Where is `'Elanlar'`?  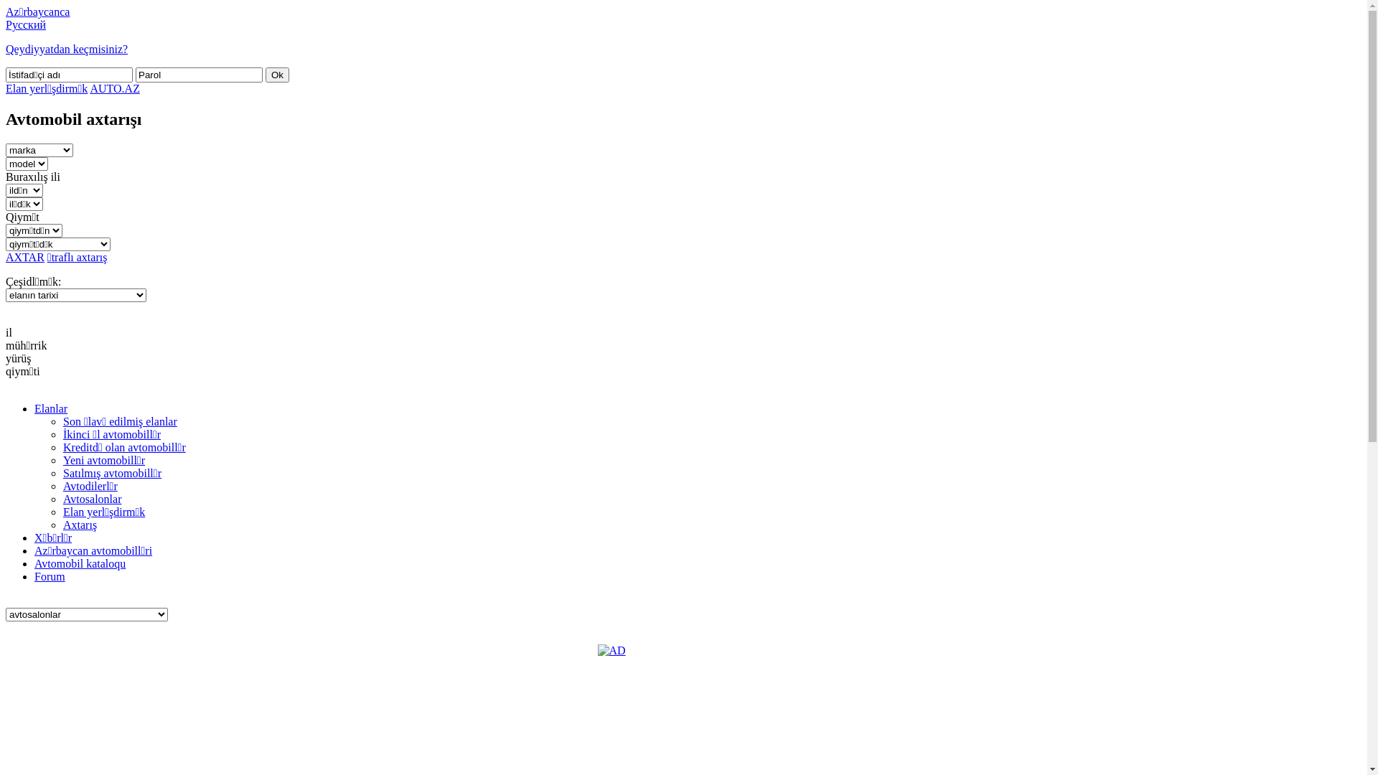 'Elanlar' is located at coordinates (51, 408).